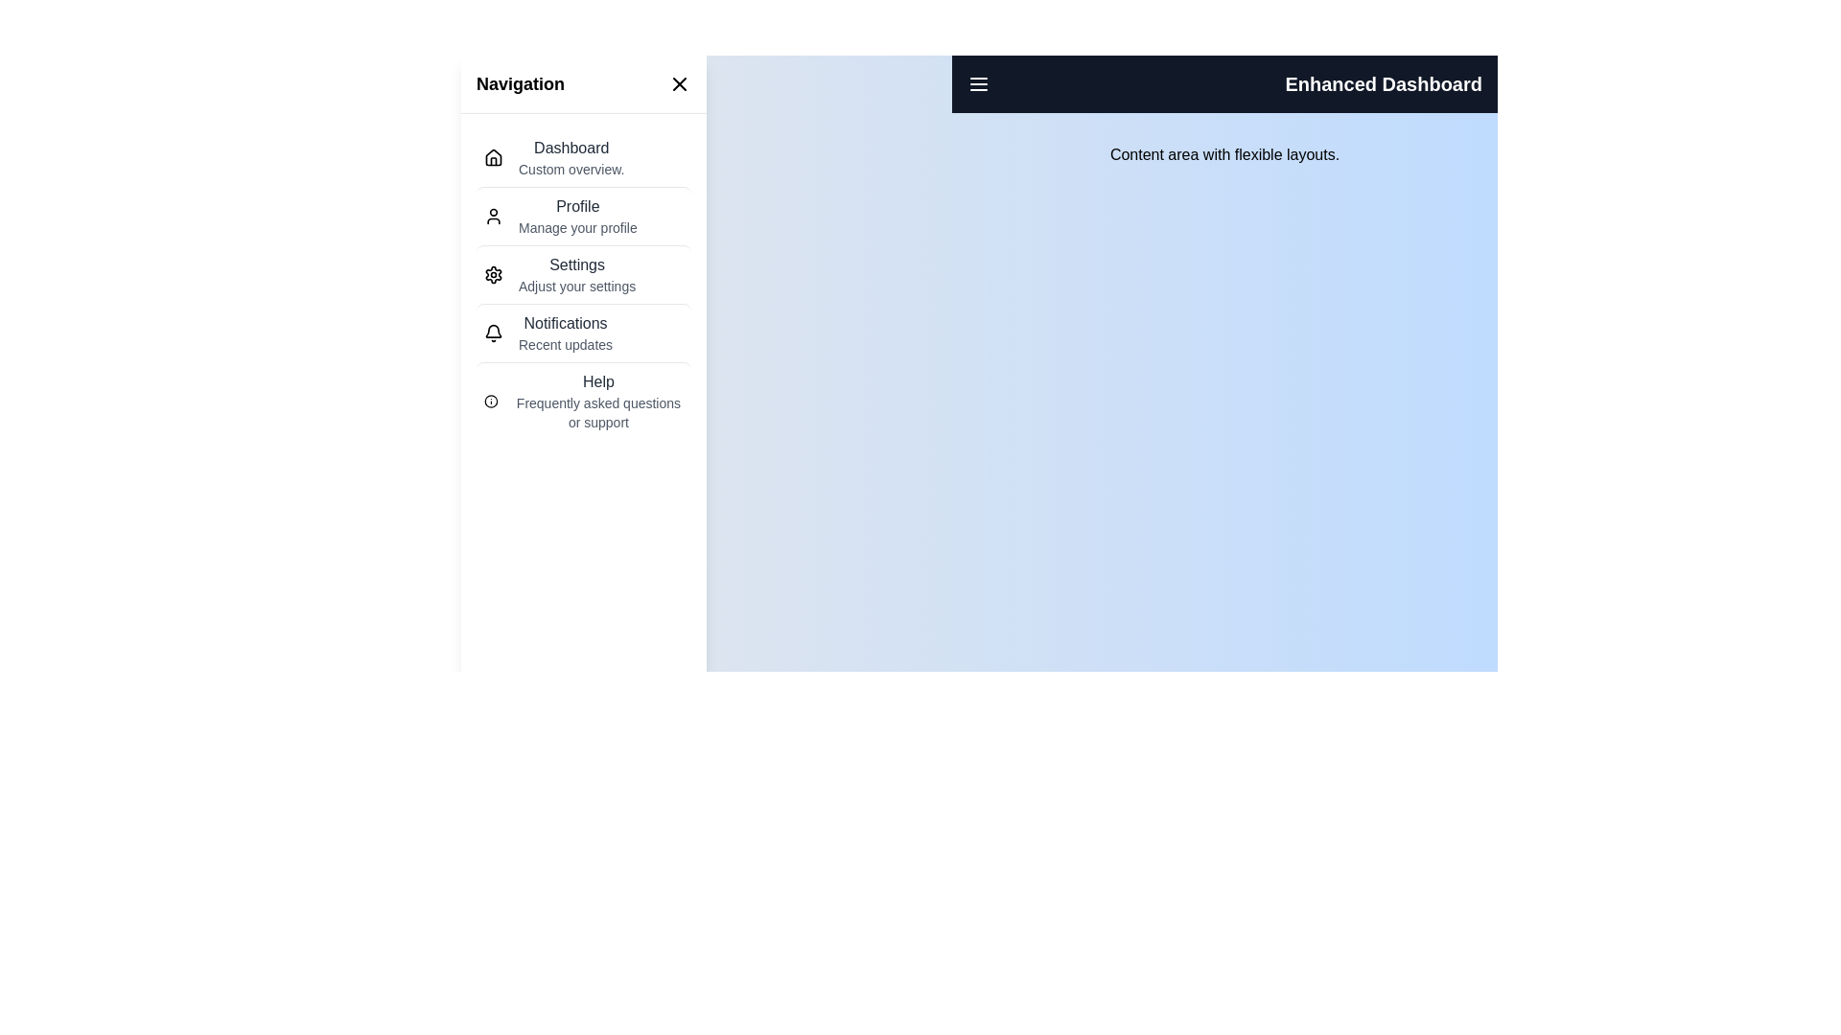 This screenshot has height=1035, width=1841. What do you see at coordinates (576, 265) in the screenshot?
I see `the 'Settings' text label in the left navigation panel, which is styled with a medium font weight and dark gray color, located under 'Profile' and above 'Notifications'` at bounding box center [576, 265].